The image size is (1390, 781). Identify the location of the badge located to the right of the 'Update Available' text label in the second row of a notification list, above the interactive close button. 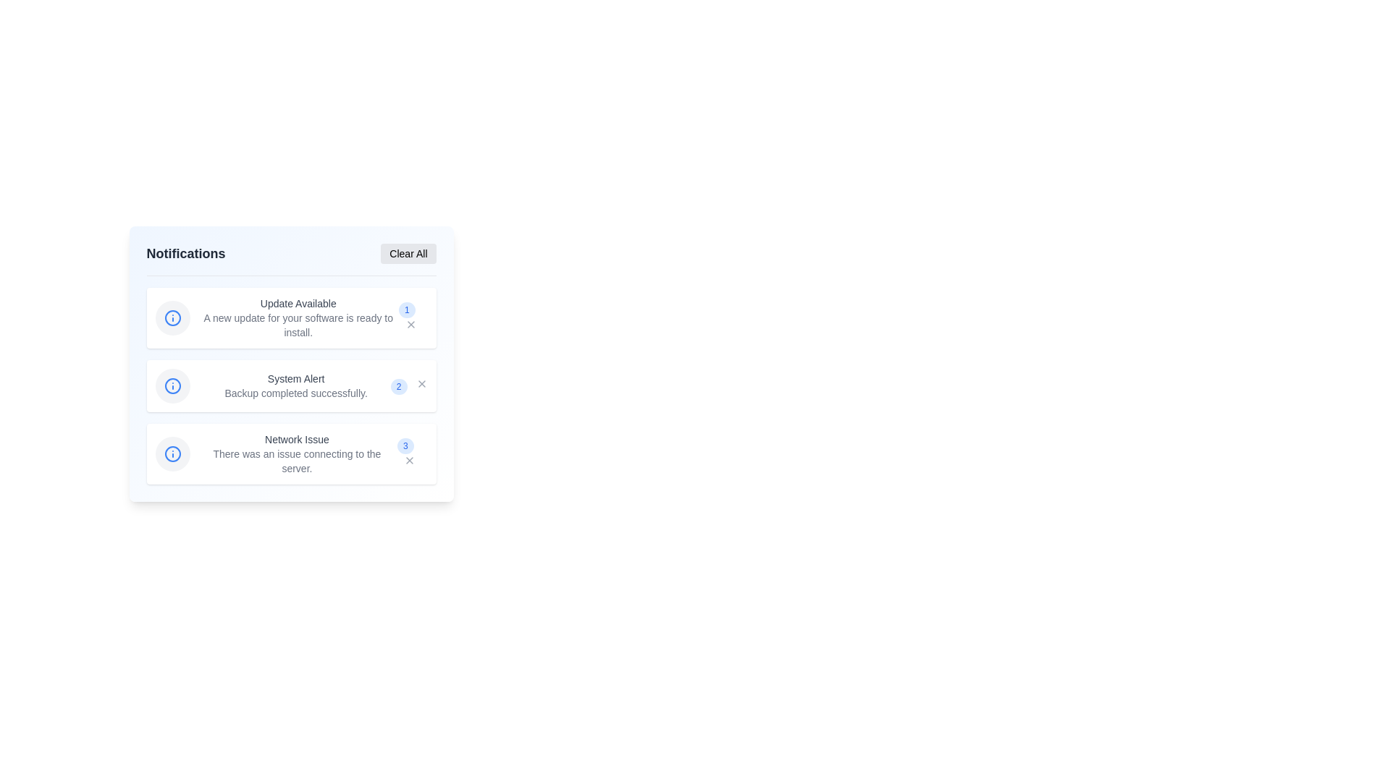
(406, 309).